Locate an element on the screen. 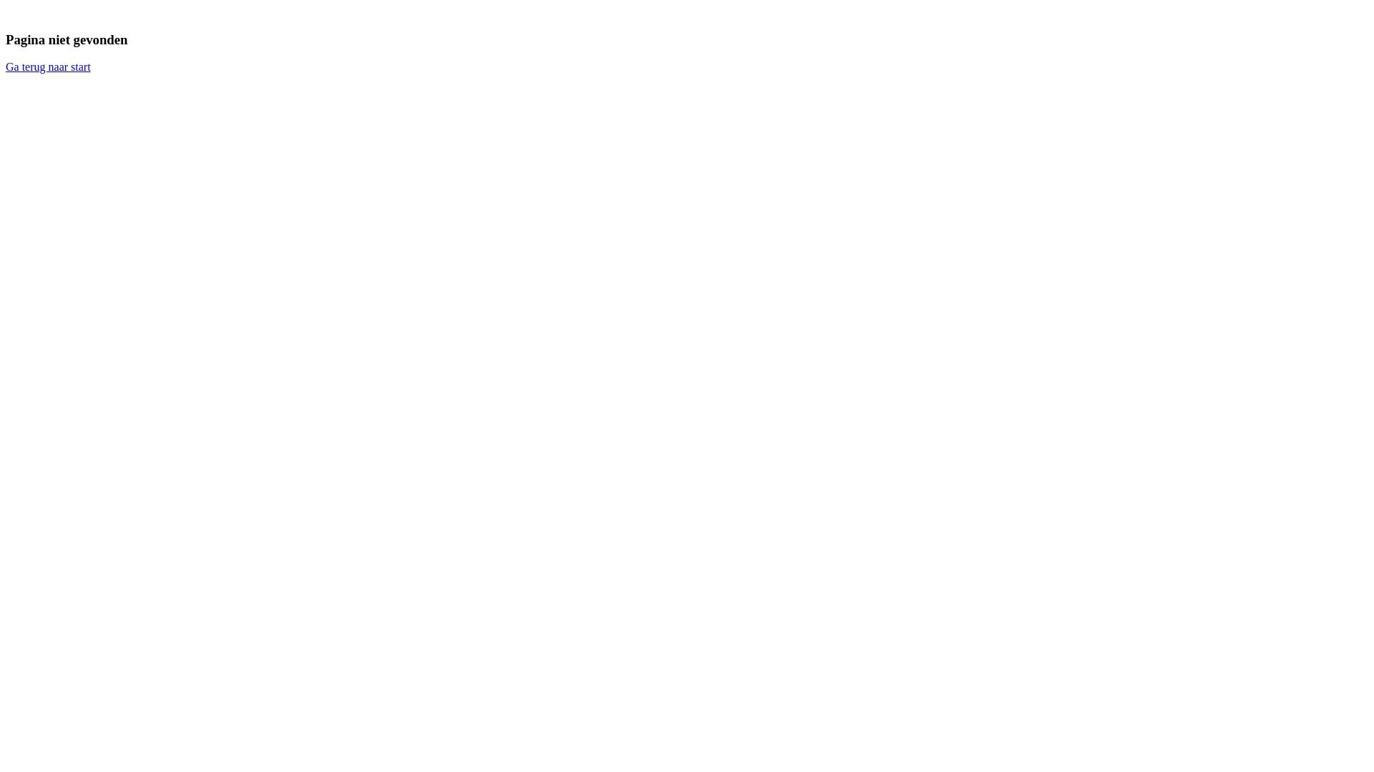 The height and width of the screenshot is (772, 1374). 'Ga terug naar start' is located at coordinates (48, 66).